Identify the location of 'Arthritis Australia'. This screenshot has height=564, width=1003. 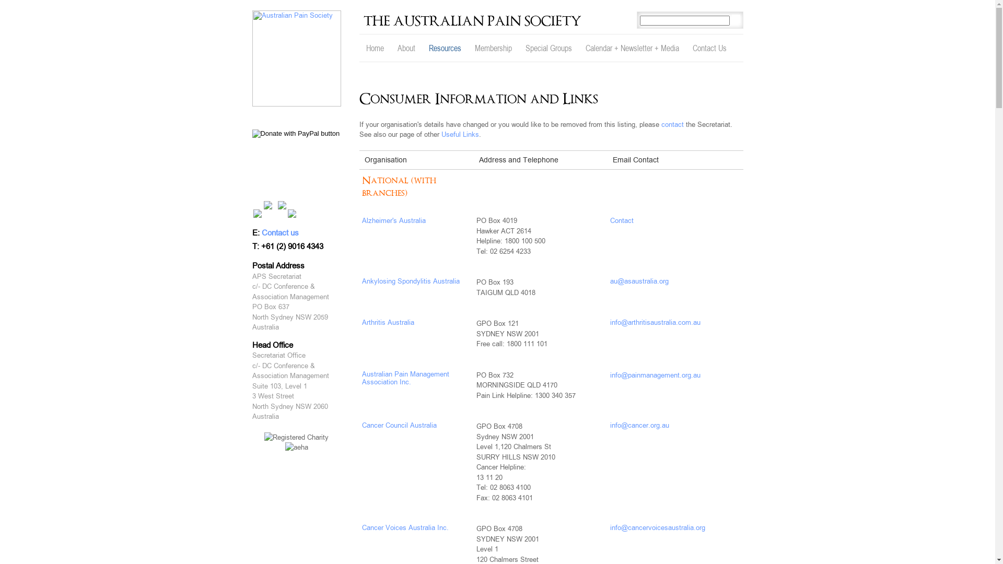
(387, 322).